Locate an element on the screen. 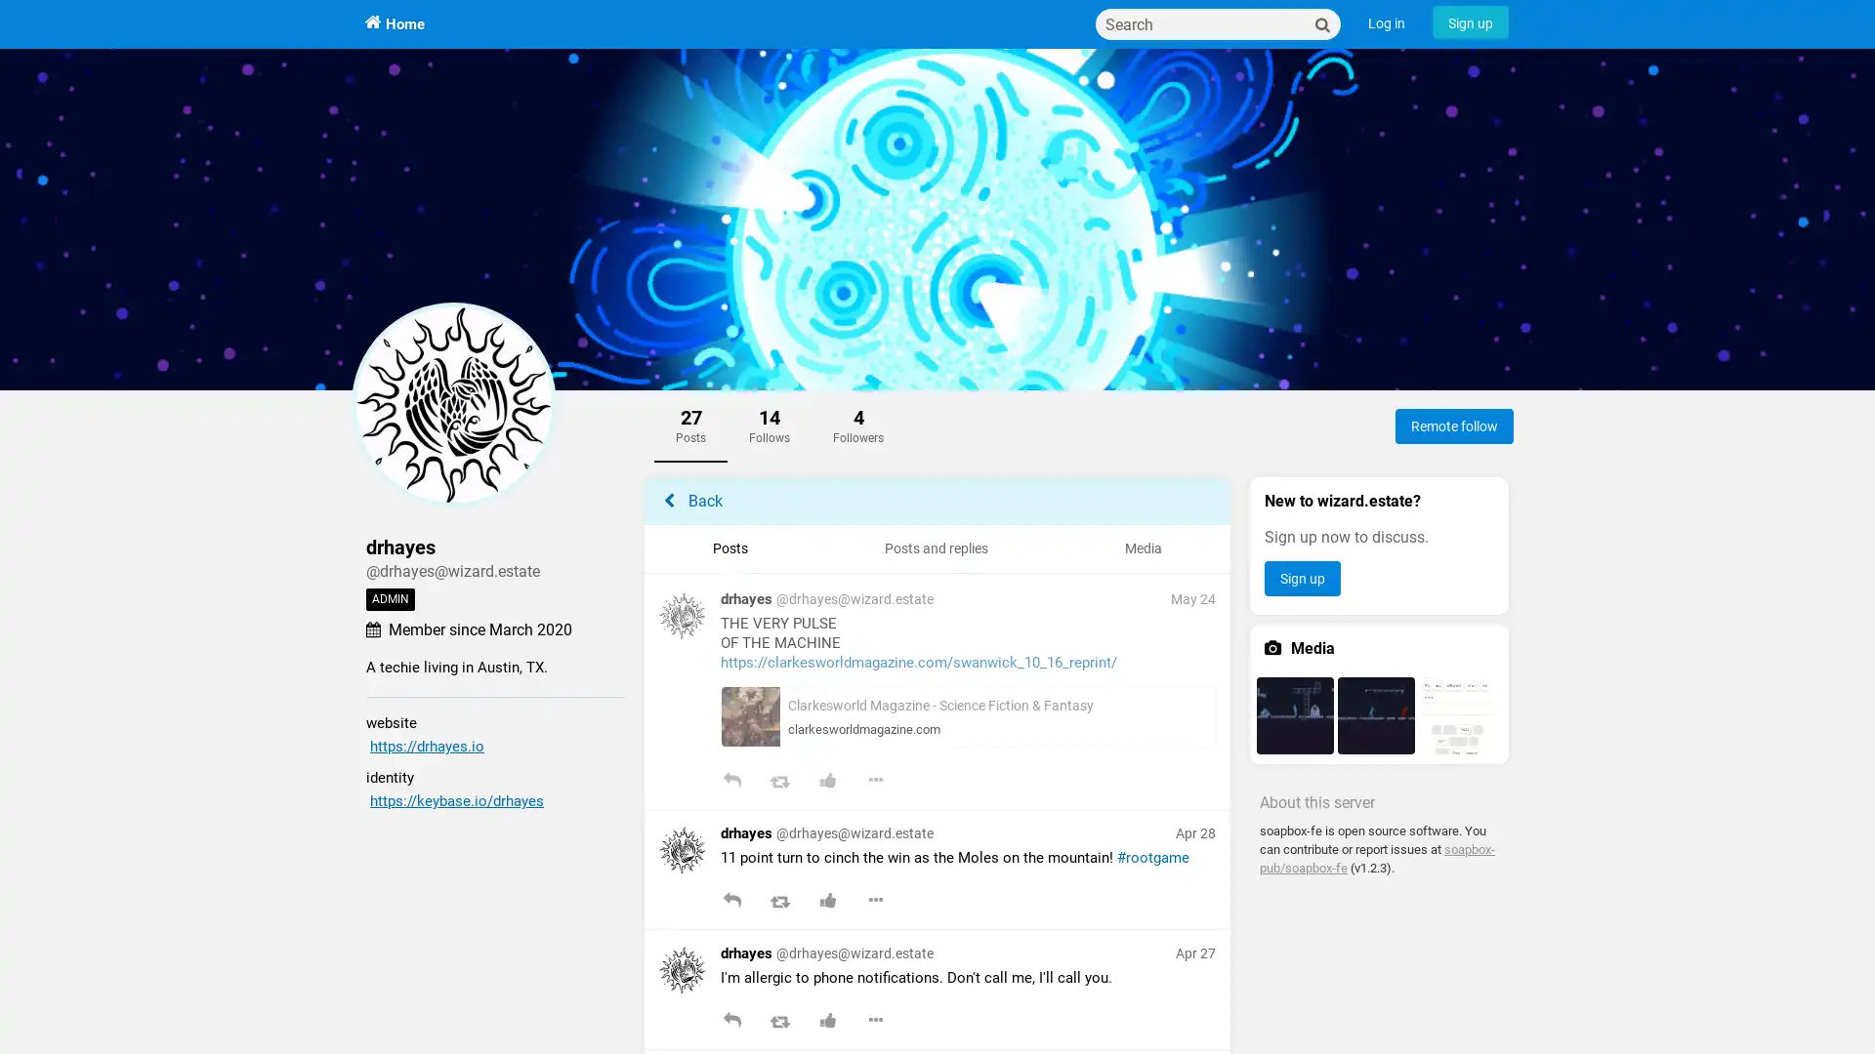 The width and height of the screenshot is (1875, 1054). More is located at coordinates (874, 782).